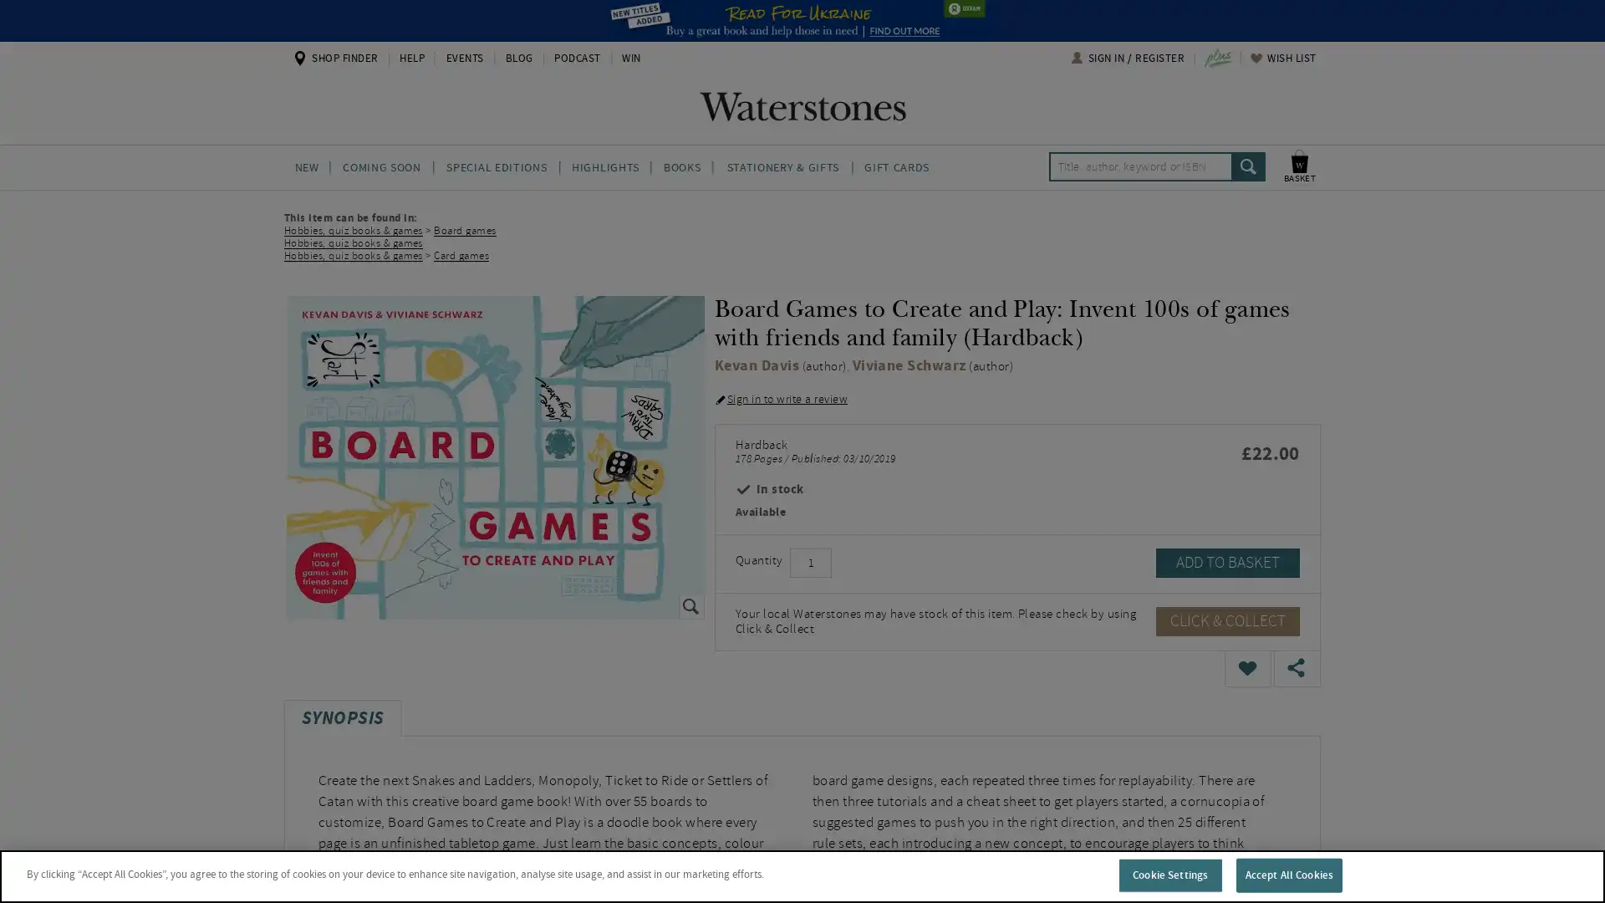 This screenshot has width=1605, height=903. I want to click on Accept All Cookies, so click(1287, 874).